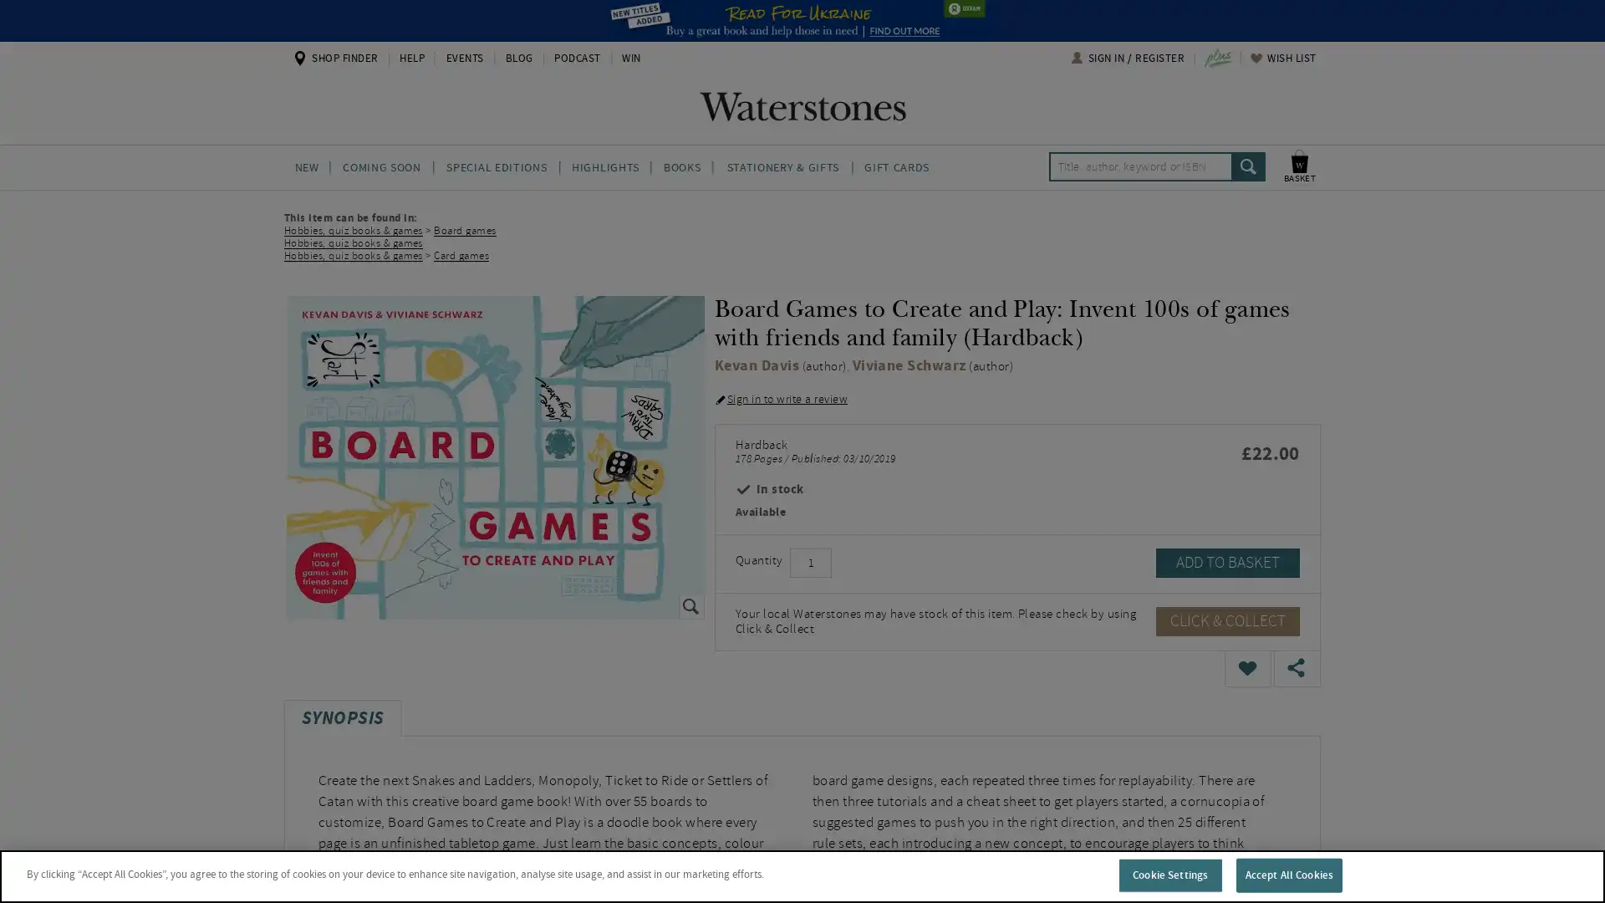 This screenshot has width=1605, height=903. I want to click on Accept All Cookies, so click(1287, 874).